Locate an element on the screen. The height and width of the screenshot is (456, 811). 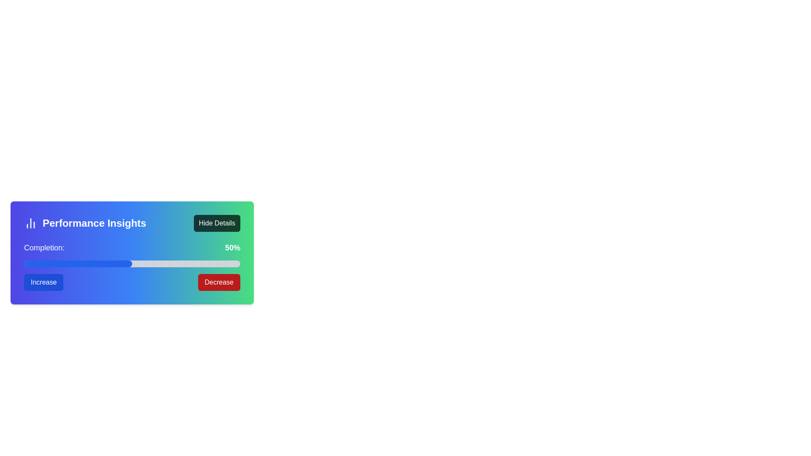
text of the header titled 'Performance Insights' located in the top-left section of the card is located at coordinates (85, 223).